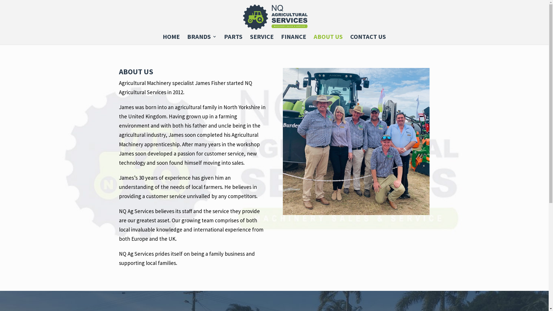  I want to click on 'ABOUT US', so click(328, 39).